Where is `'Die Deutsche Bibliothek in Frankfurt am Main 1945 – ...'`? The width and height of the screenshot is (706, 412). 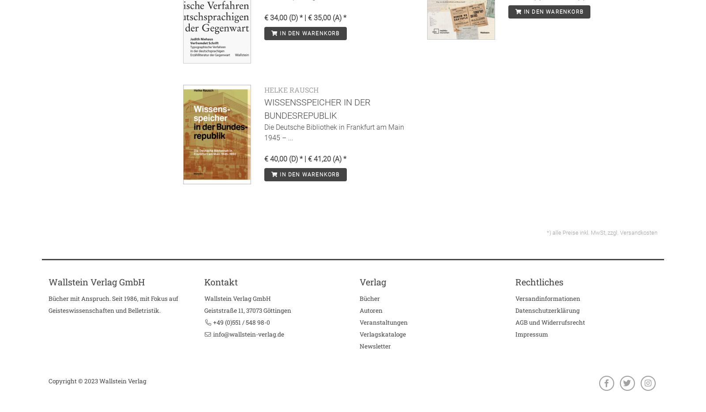
'Die Deutsche Bibliothek in Frankfurt am Main 1945 – ...' is located at coordinates (264, 131).